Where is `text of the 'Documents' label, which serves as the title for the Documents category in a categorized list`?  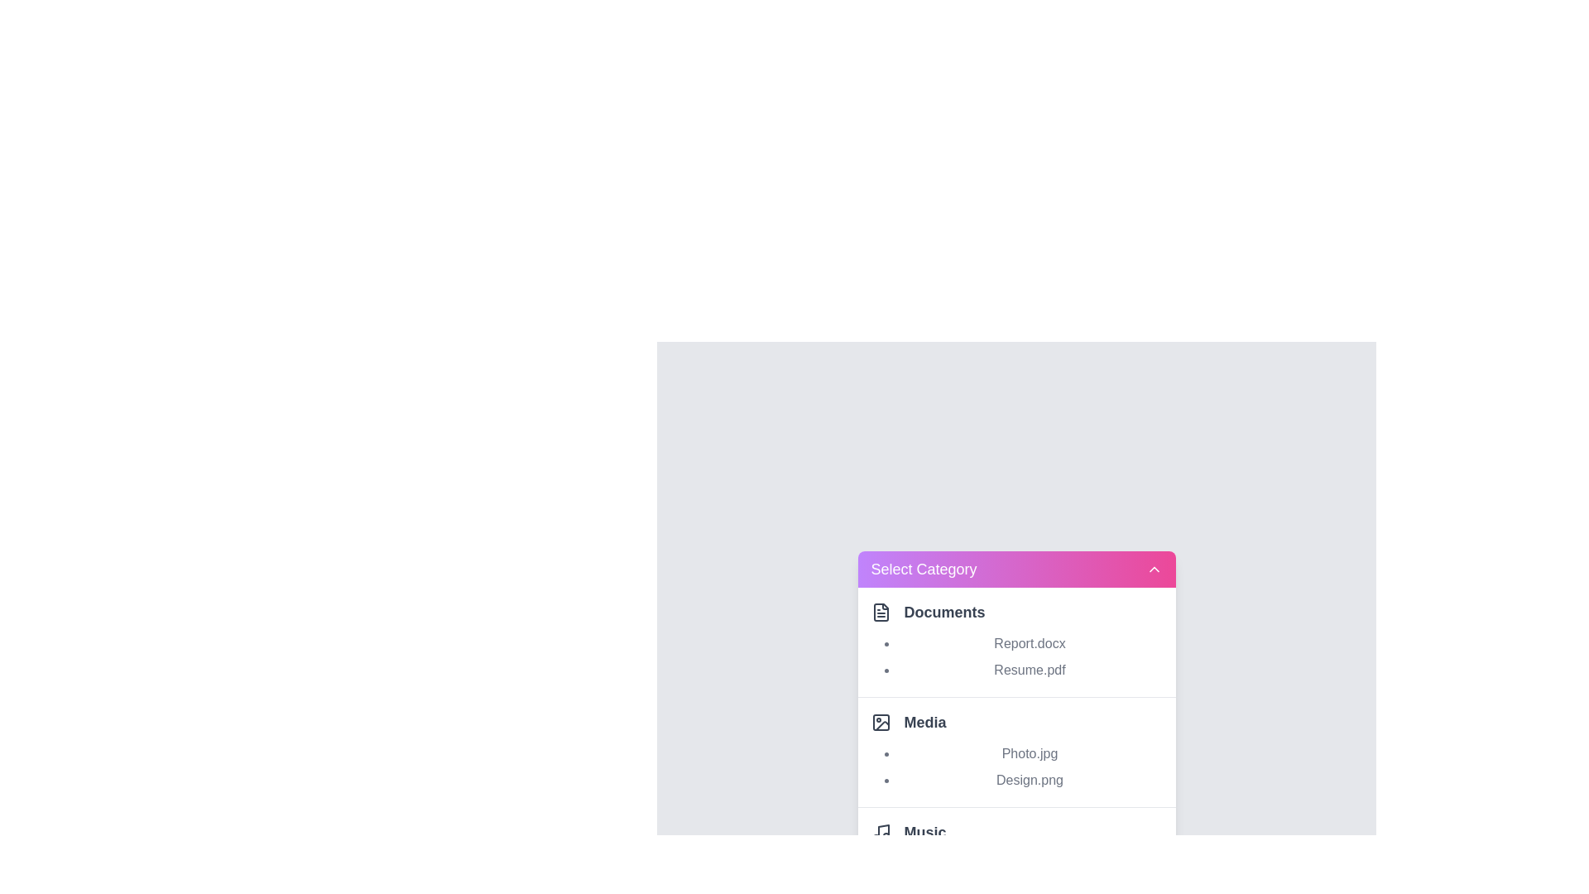
text of the 'Documents' label, which serves as the title for the Documents category in a categorized list is located at coordinates (944, 612).